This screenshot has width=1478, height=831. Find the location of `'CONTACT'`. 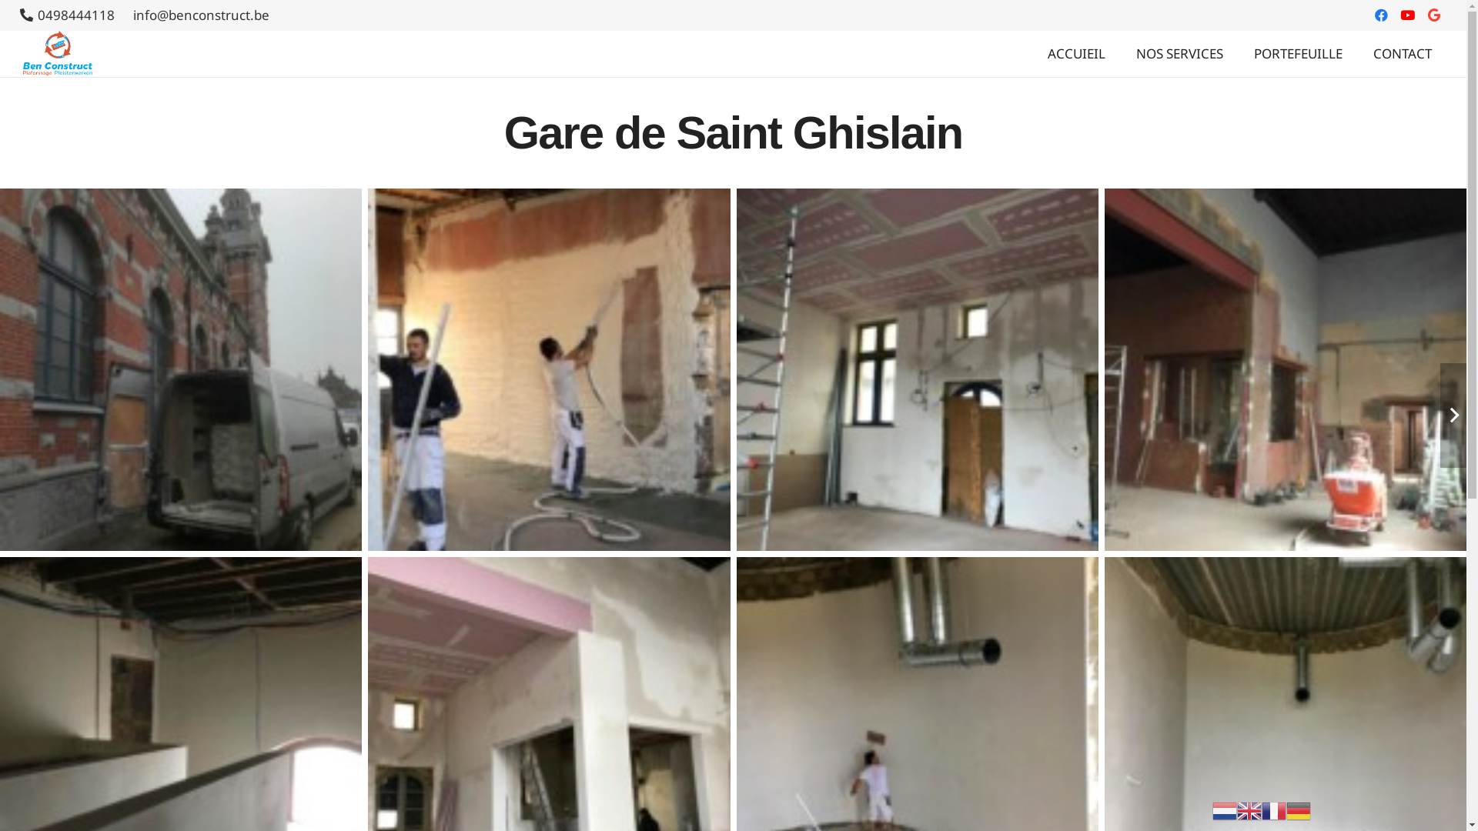

'CONTACT' is located at coordinates (1357, 52).